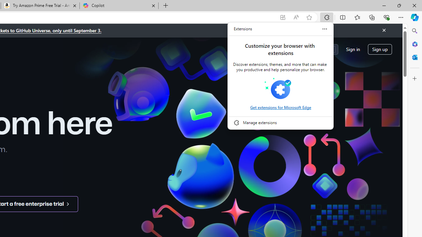  I want to click on 'Manage extensions', so click(281, 122).